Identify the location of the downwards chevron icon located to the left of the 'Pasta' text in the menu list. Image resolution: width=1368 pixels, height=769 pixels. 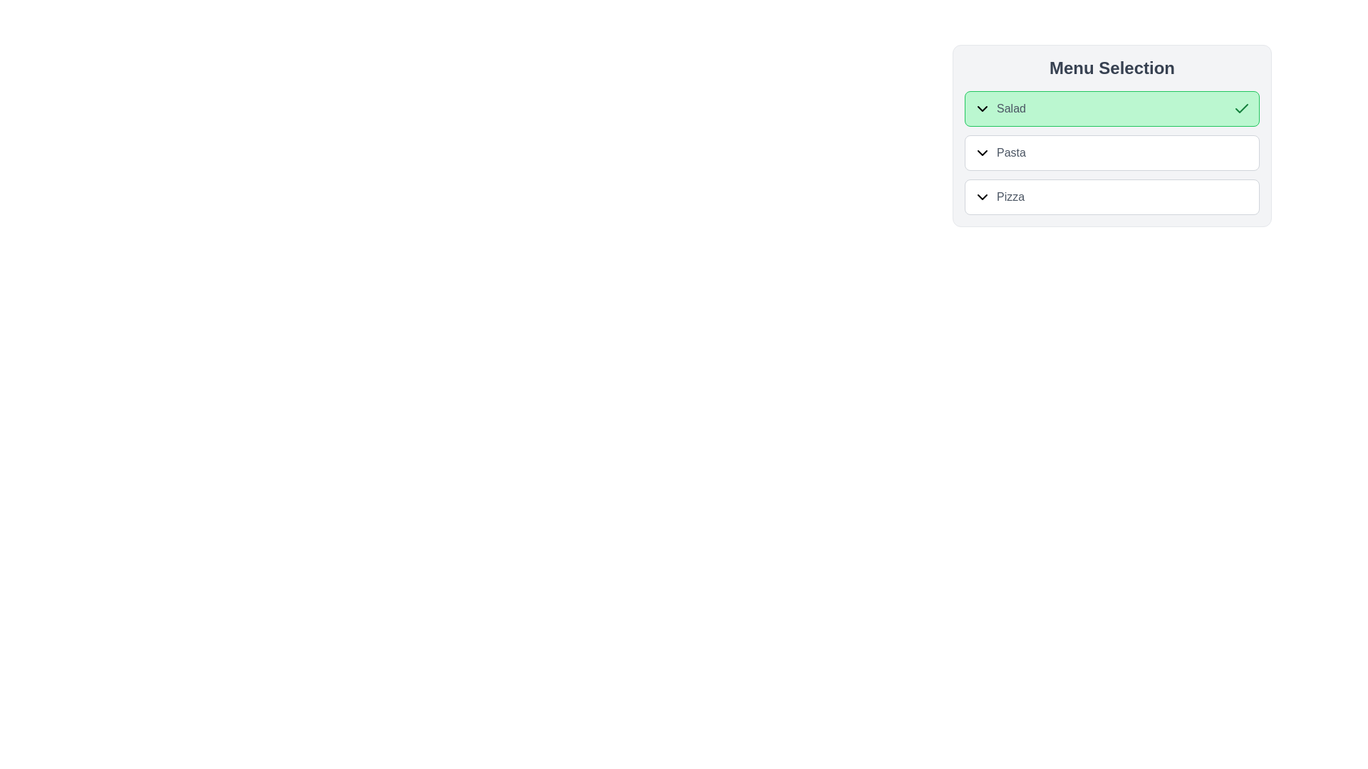
(981, 153).